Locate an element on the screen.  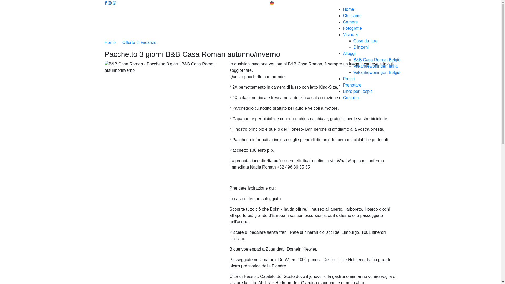
'Prezzi' is located at coordinates (343, 79).